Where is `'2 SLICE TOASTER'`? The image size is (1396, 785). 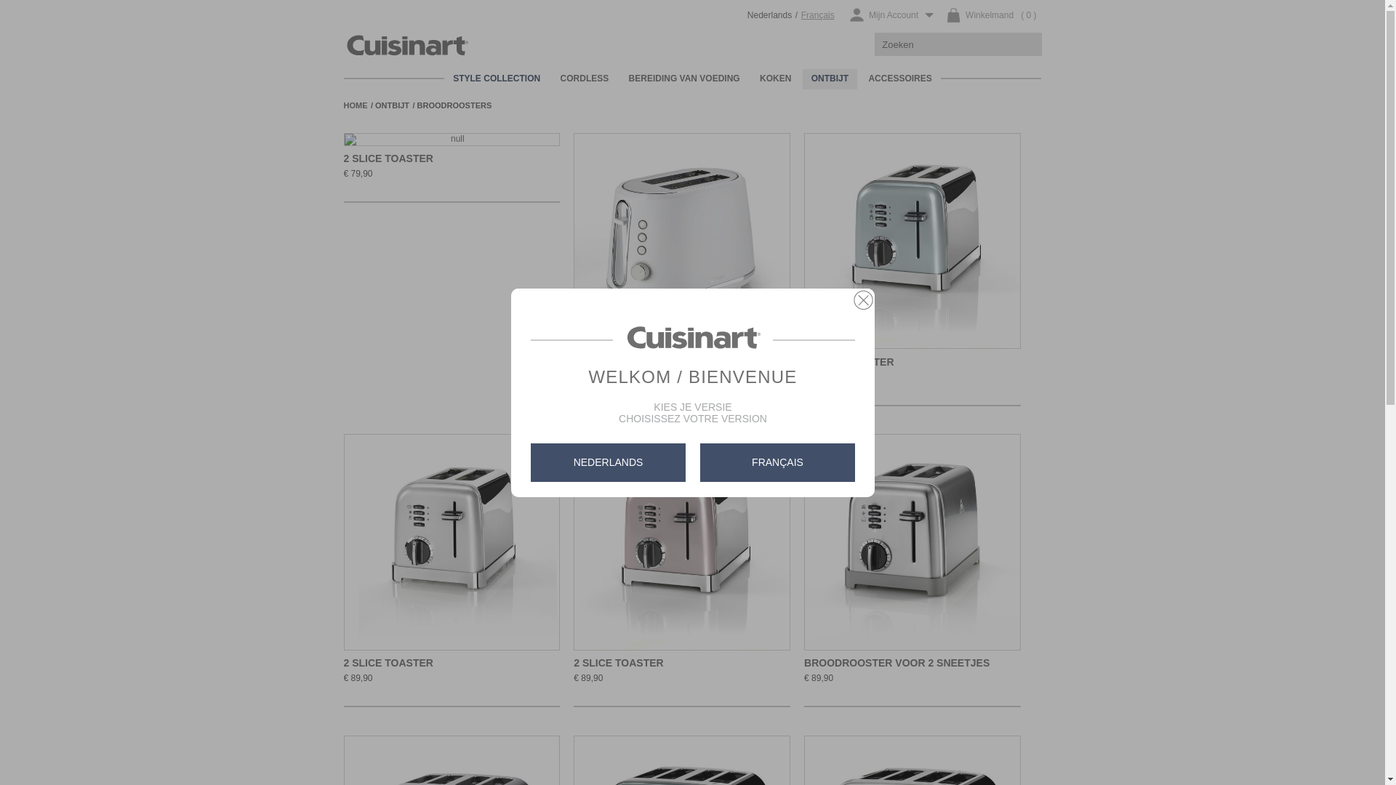 '2 SLICE TOASTER' is located at coordinates (849, 361).